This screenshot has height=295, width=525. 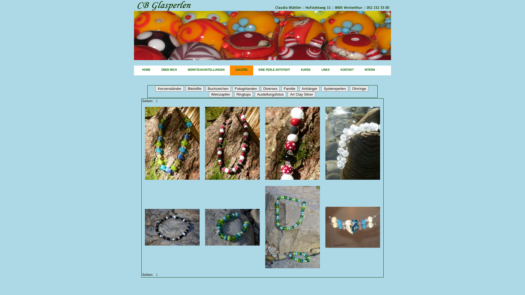 What do you see at coordinates (270, 88) in the screenshot?
I see `'Diverses'` at bounding box center [270, 88].